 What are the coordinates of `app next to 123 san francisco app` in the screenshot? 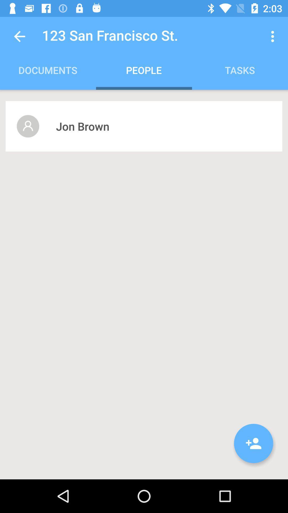 It's located at (274, 36).